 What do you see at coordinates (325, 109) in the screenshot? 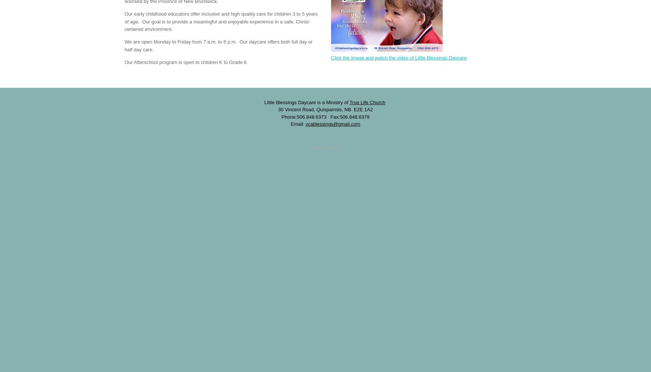
I see `'30 Vincent Road, Quispamsis, NB  E2E 1A2'` at bounding box center [325, 109].